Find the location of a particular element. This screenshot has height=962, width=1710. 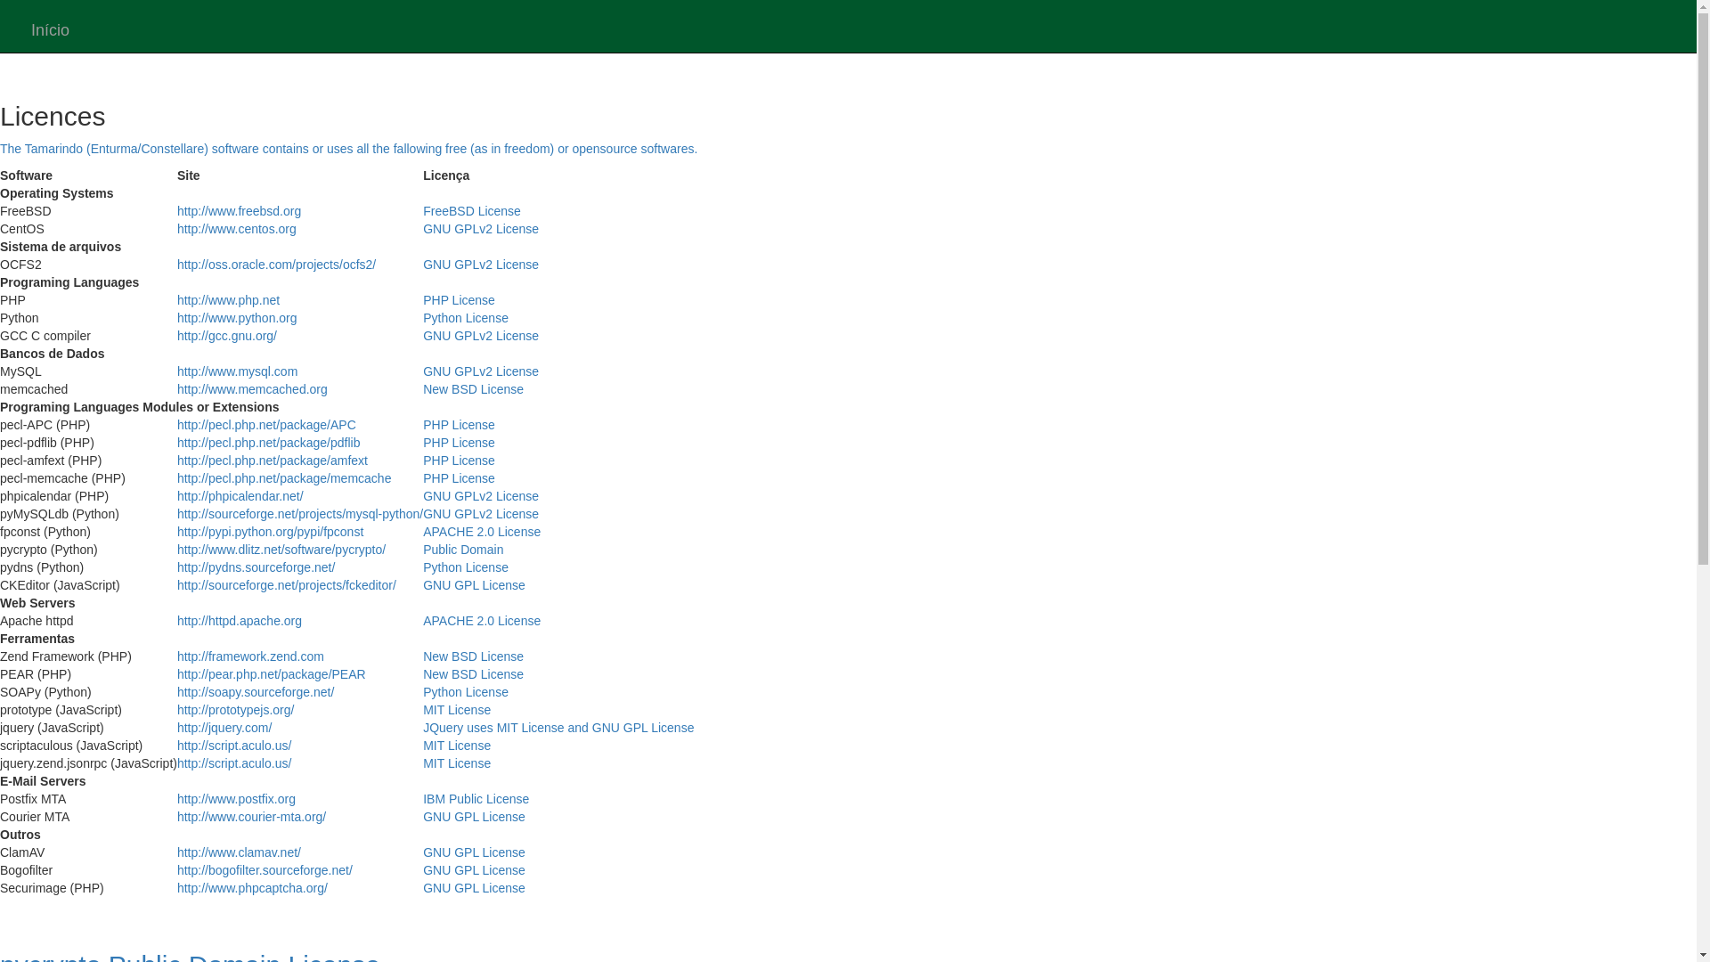

'http://www.dlitz.net/software/pycrypto/' is located at coordinates (281, 549).